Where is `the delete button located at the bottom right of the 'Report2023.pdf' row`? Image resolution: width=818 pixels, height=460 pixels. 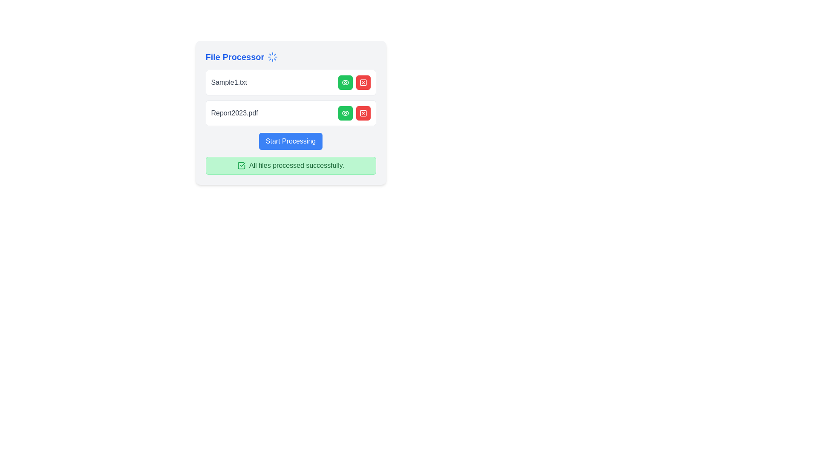 the delete button located at the bottom right of the 'Report2023.pdf' row is located at coordinates (363, 113).